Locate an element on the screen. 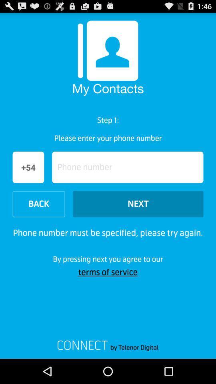  phone number entry box is located at coordinates (128, 167).